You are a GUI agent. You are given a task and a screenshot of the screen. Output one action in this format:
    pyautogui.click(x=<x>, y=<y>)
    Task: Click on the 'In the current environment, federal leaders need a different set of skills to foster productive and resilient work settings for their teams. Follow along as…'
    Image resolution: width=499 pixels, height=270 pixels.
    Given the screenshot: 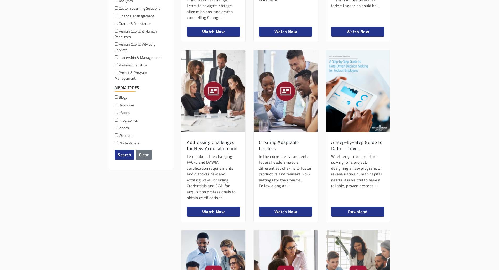 What is the action you would take?
    pyautogui.click(x=285, y=171)
    